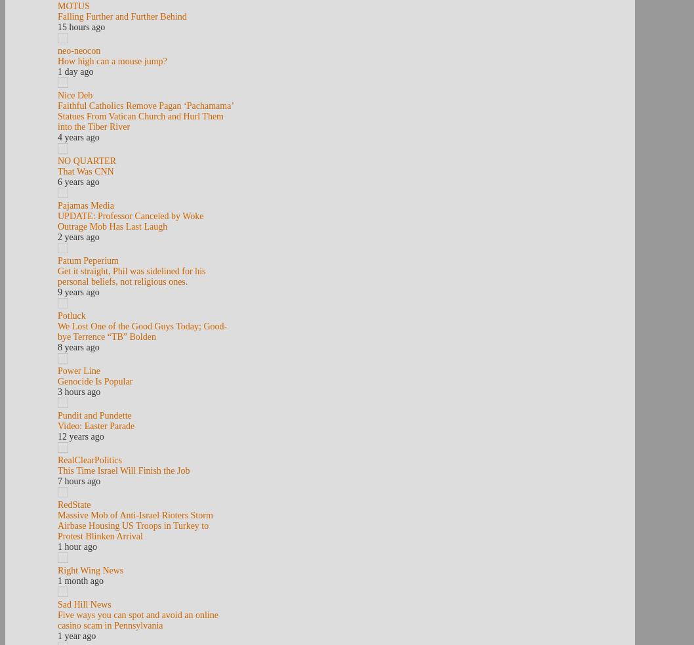 This screenshot has height=645, width=694. What do you see at coordinates (85, 205) in the screenshot?
I see `'Pajamas Media'` at bounding box center [85, 205].